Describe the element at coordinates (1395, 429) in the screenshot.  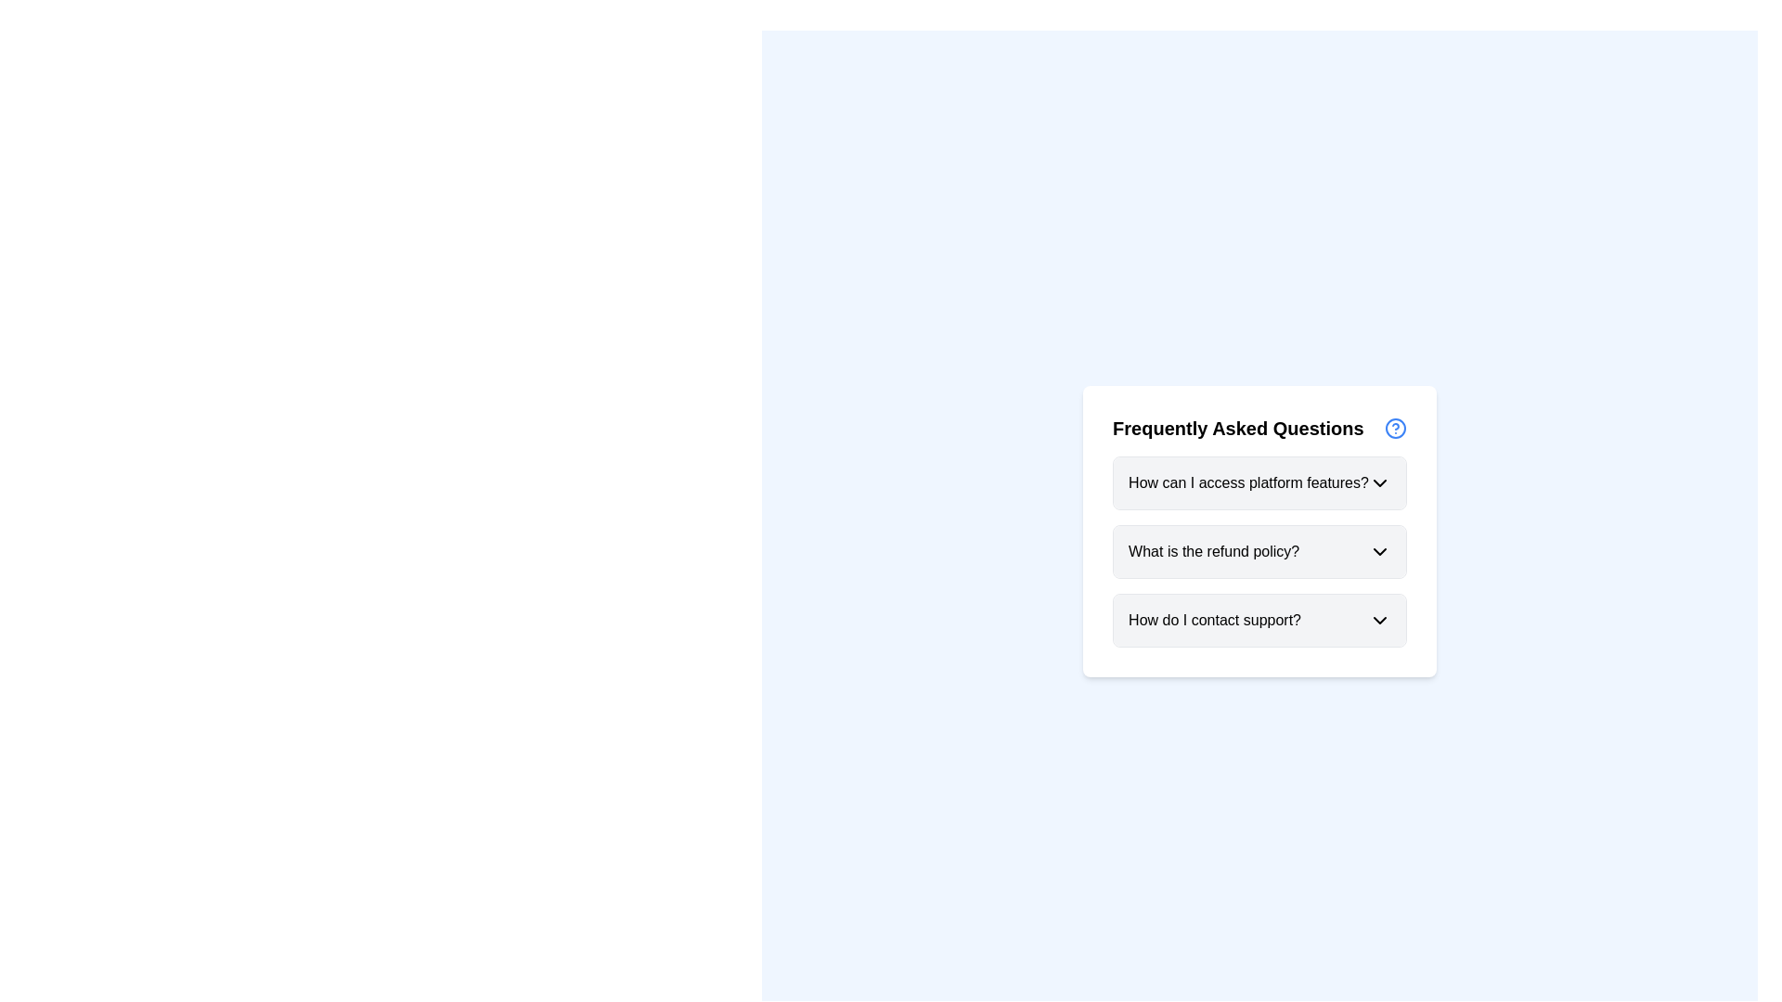
I see `the circular vector icon with a blue stroke and a question mark inside, located in the upper-right corner of the 'Frequently Asked Questions' header` at that location.